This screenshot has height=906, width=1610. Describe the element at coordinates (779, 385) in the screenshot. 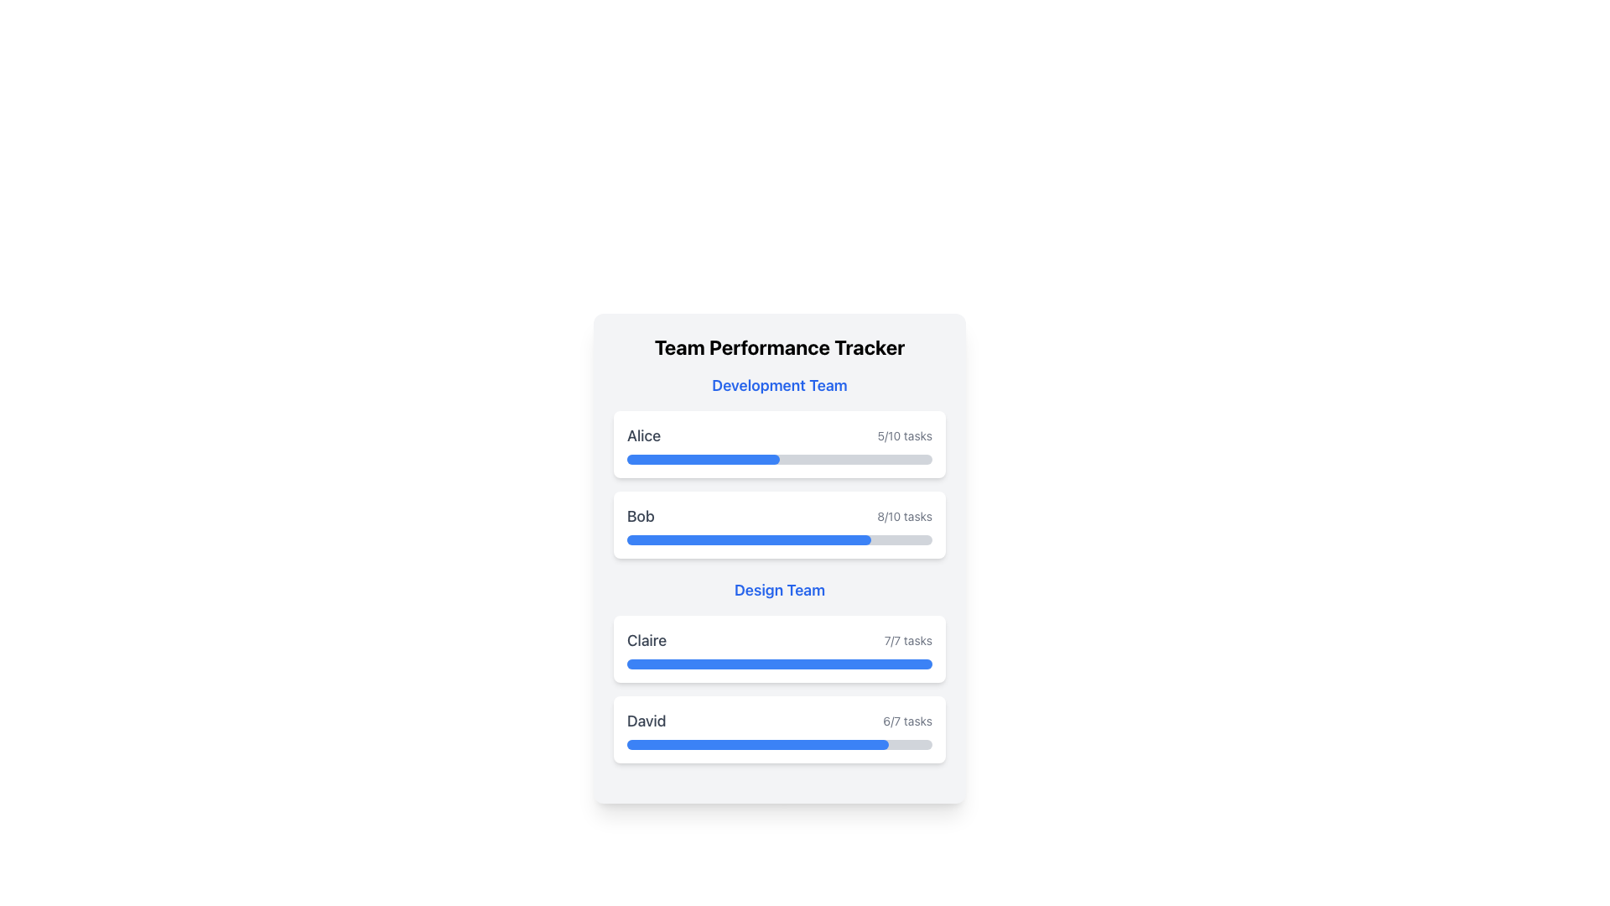

I see `bold text label 'Development Team' which is prominently positioned at the top of the section within a card design interface` at that location.